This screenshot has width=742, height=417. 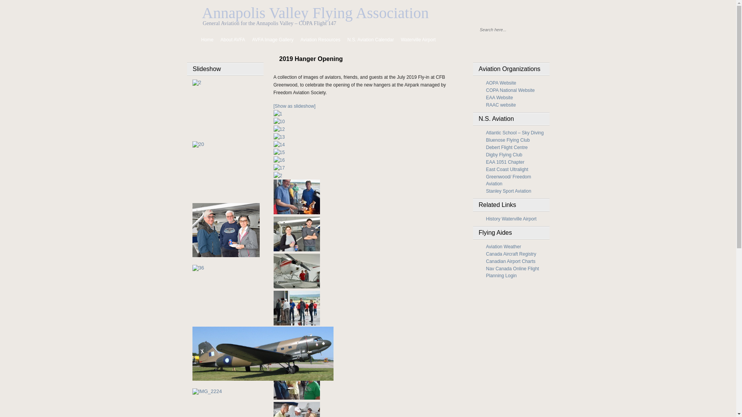 What do you see at coordinates (507, 147) in the screenshot?
I see `'Debert Flight Centre'` at bounding box center [507, 147].